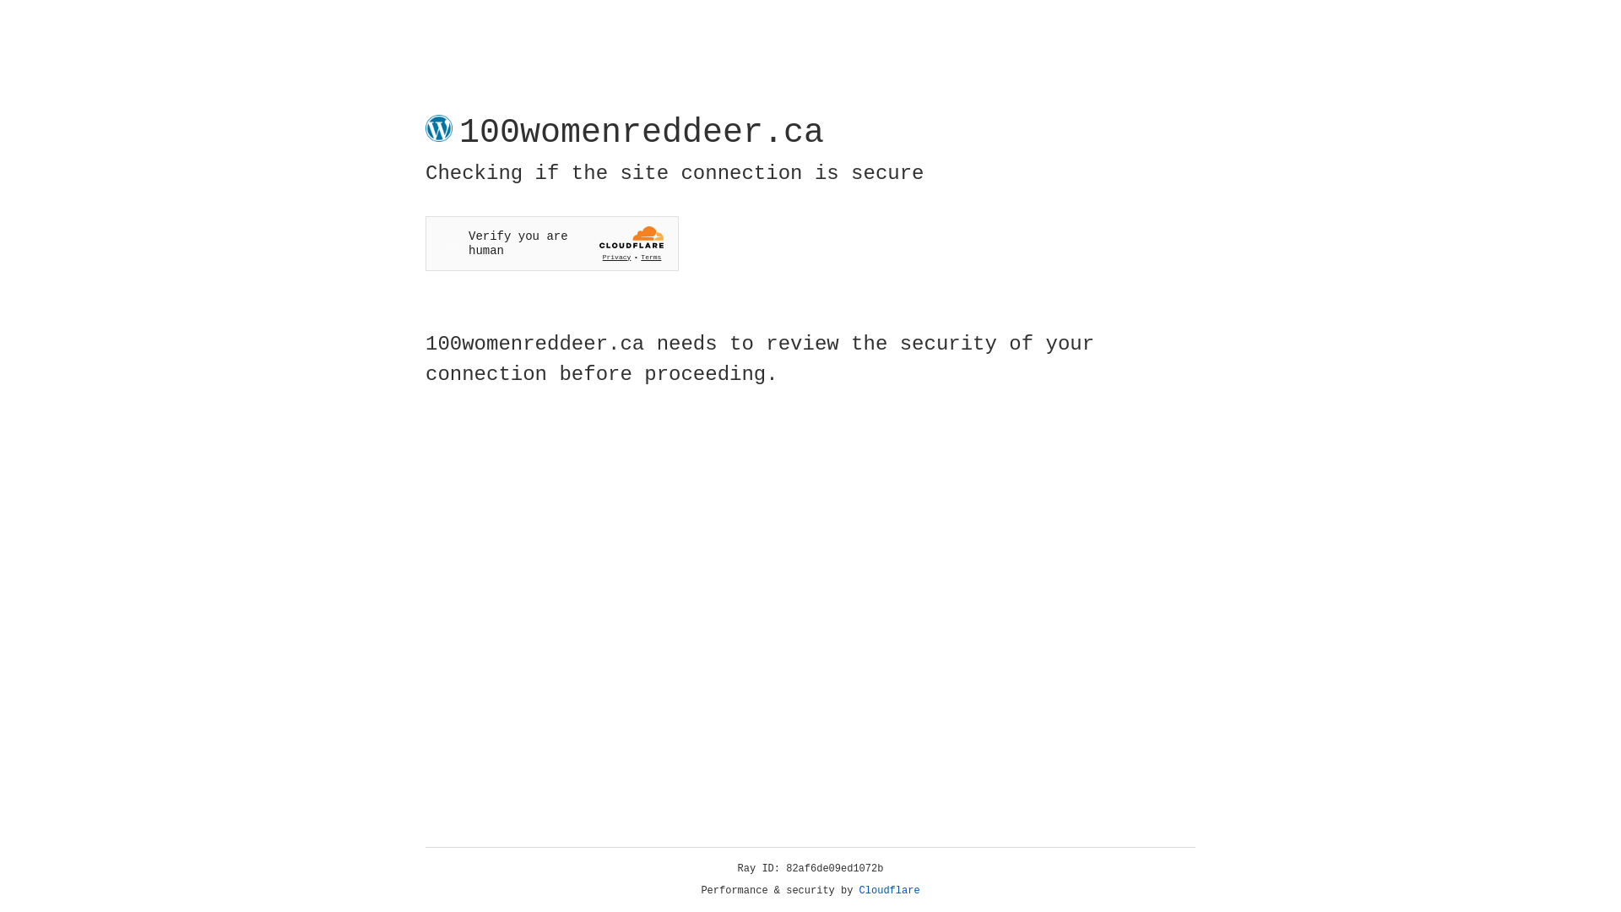 Image resolution: width=1621 pixels, height=912 pixels. I want to click on 'Widget containing a Cloudflare security challenge', so click(551, 243).